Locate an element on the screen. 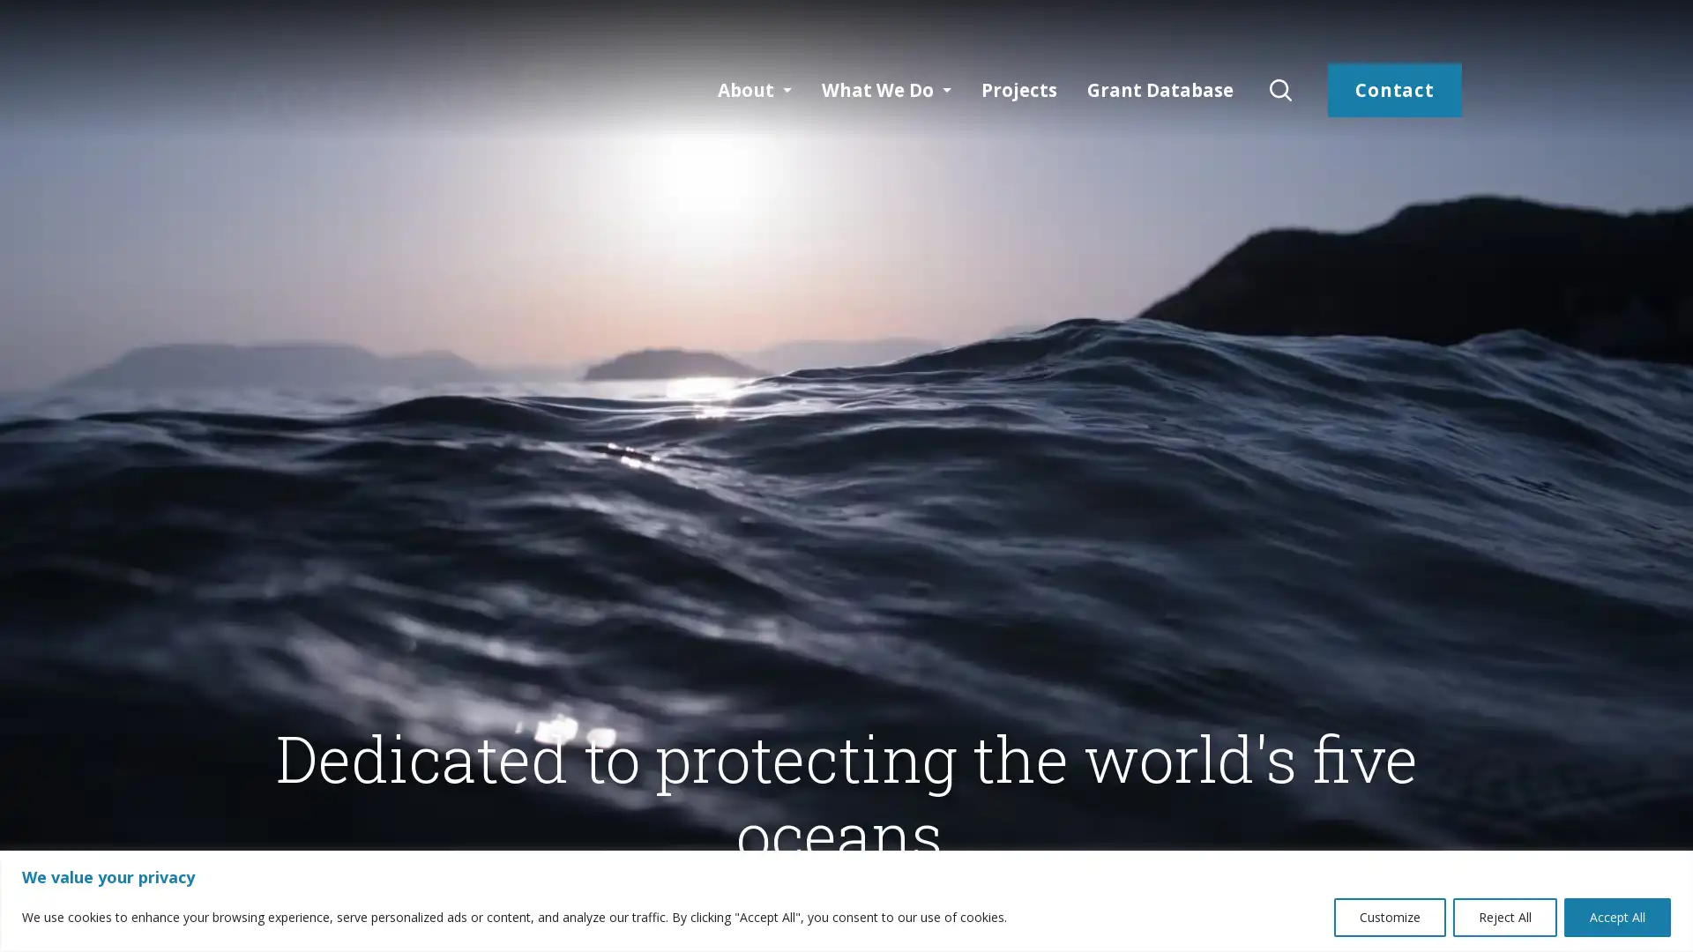 This screenshot has width=1693, height=952. Customize is located at coordinates (1389, 916).